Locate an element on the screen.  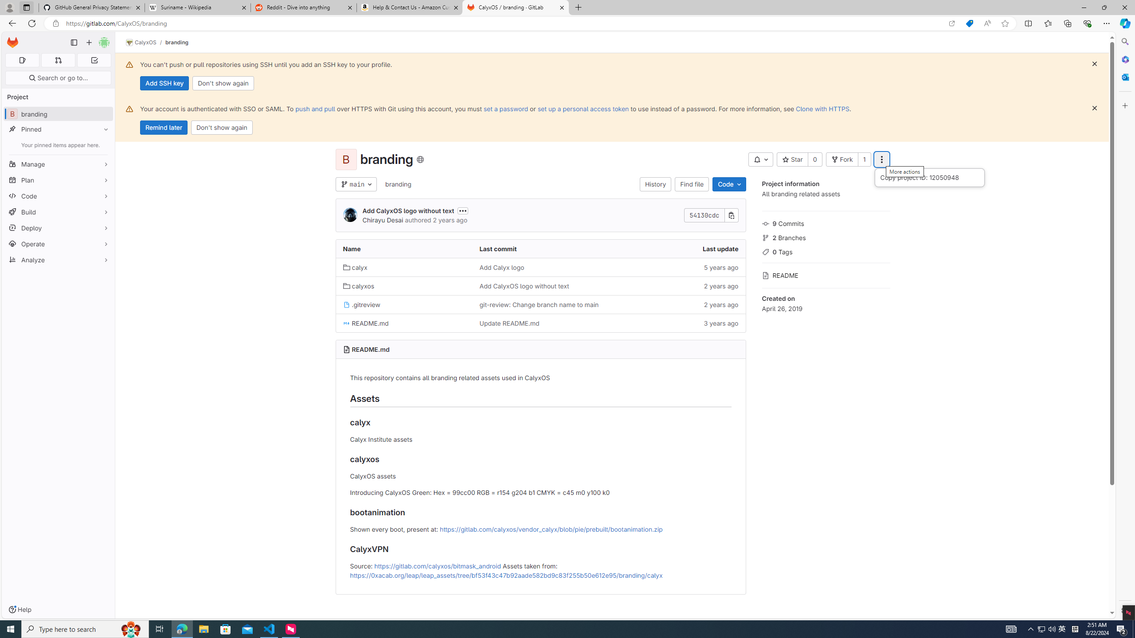
'2 years ago' is located at coordinates (677, 303).